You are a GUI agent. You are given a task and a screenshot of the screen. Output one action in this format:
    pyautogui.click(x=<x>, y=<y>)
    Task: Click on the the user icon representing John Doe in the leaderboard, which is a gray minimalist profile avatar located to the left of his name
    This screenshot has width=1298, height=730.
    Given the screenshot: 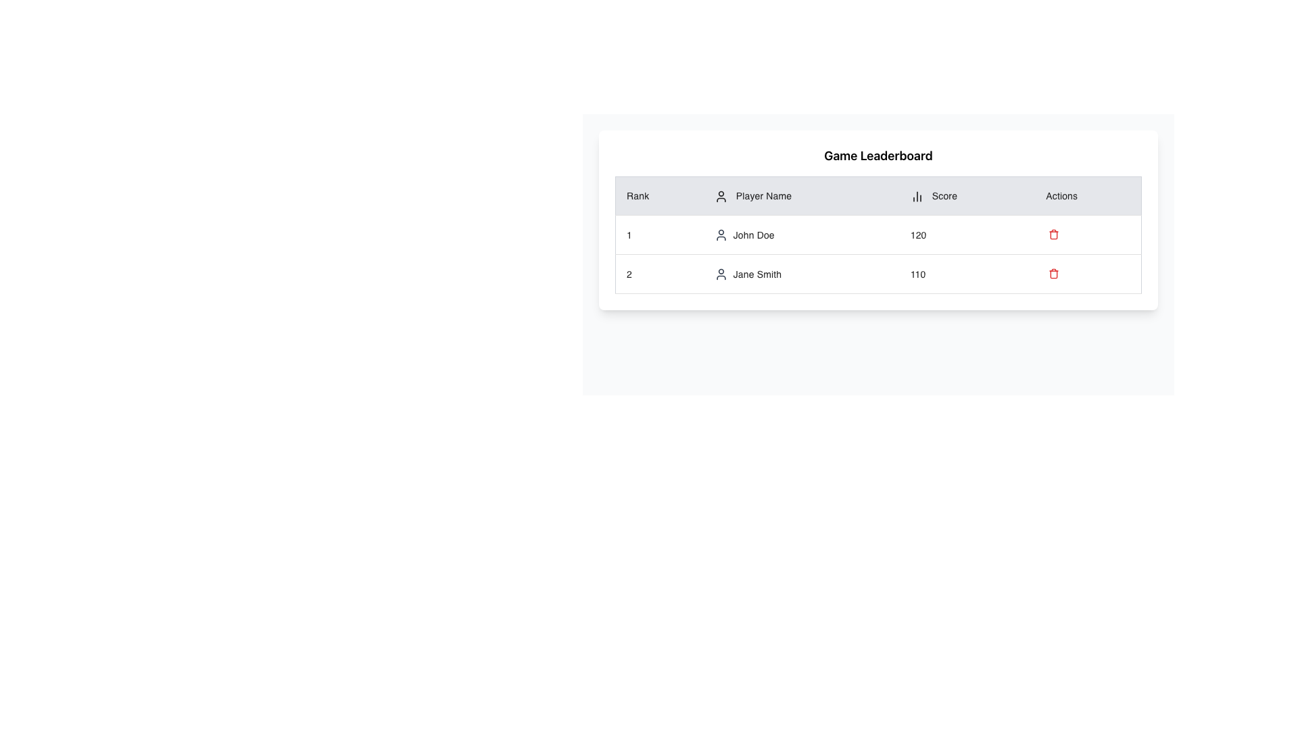 What is the action you would take?
    pyautogui.click(x=720, y=234)
    